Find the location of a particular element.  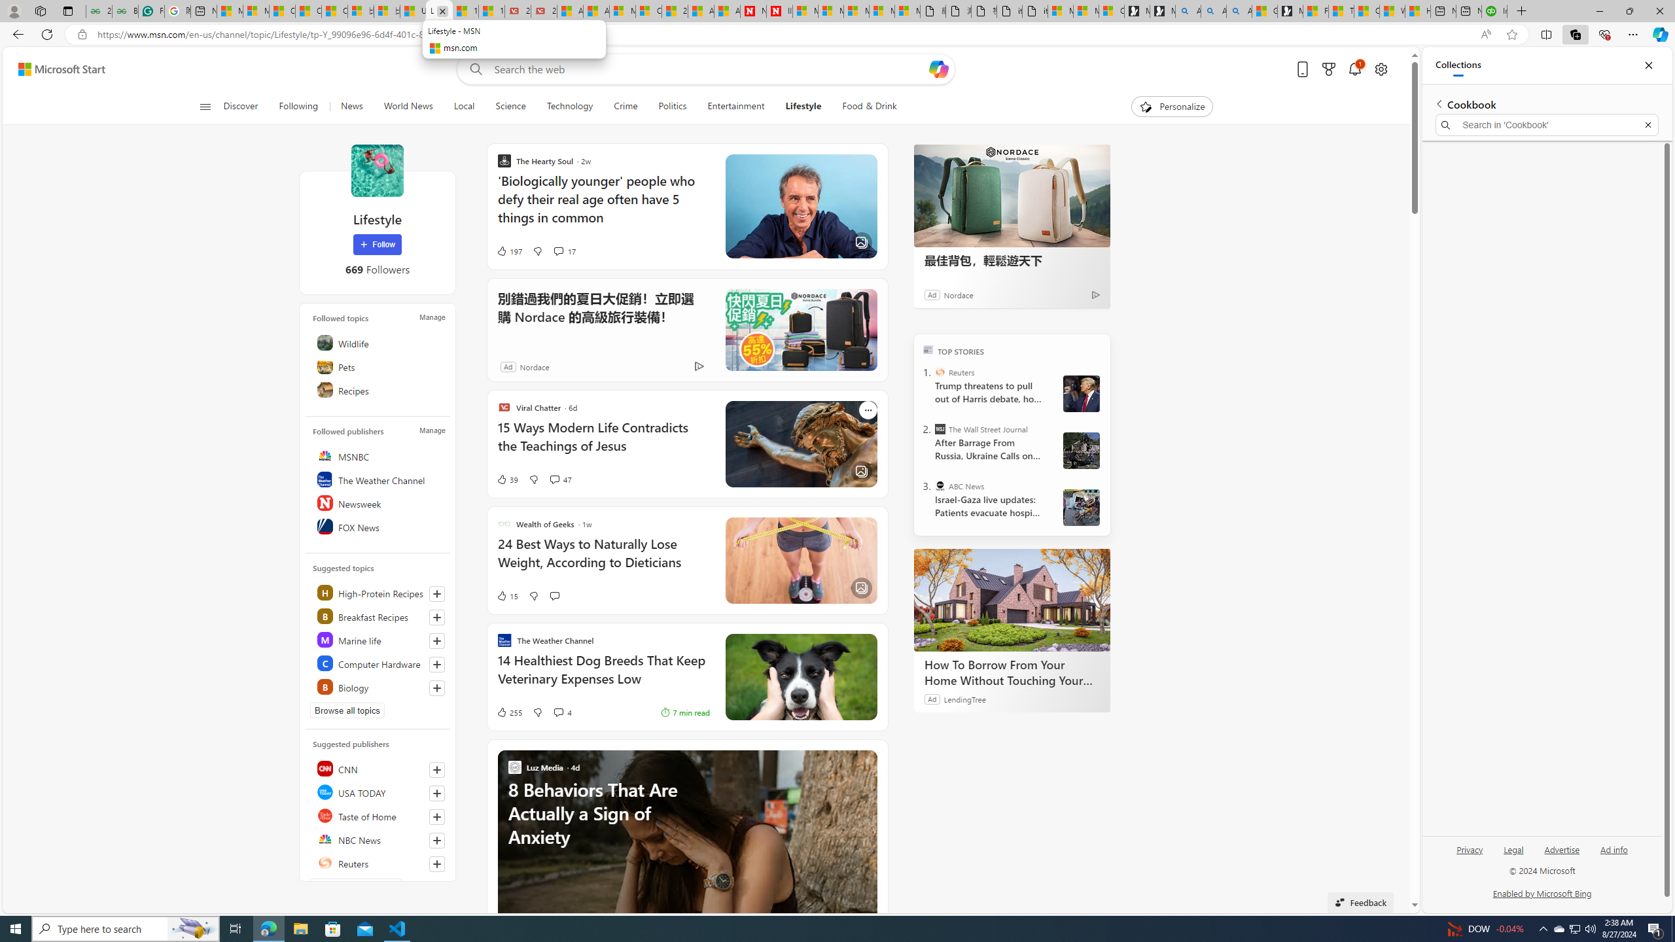

'Follow this topic' is located at coordinates (437, 687).